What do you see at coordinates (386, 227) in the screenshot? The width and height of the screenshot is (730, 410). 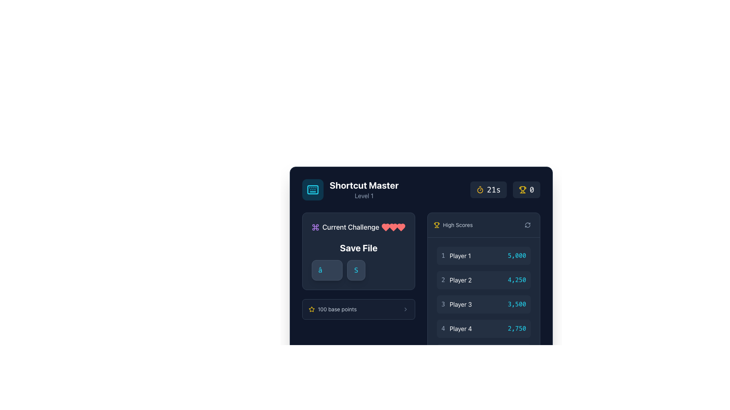 I see `the red heart icon located in the 'Current Challenge' section, which is the leftmost of three similar icons` at bounding box center [386, 227].